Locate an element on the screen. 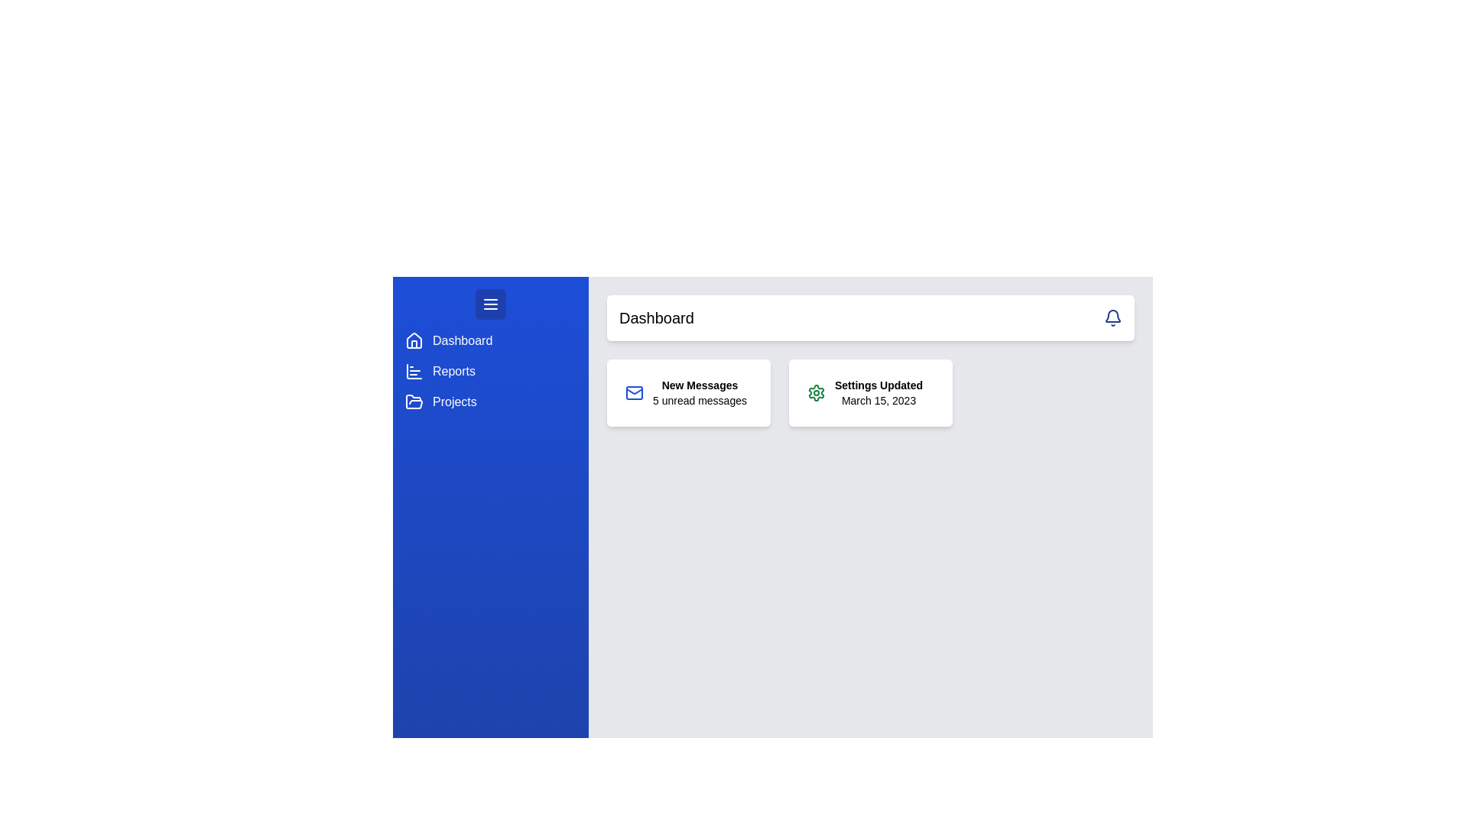  the 'New Messages' icon located in the center-left portion of the card is located at coordinates (635, 392).